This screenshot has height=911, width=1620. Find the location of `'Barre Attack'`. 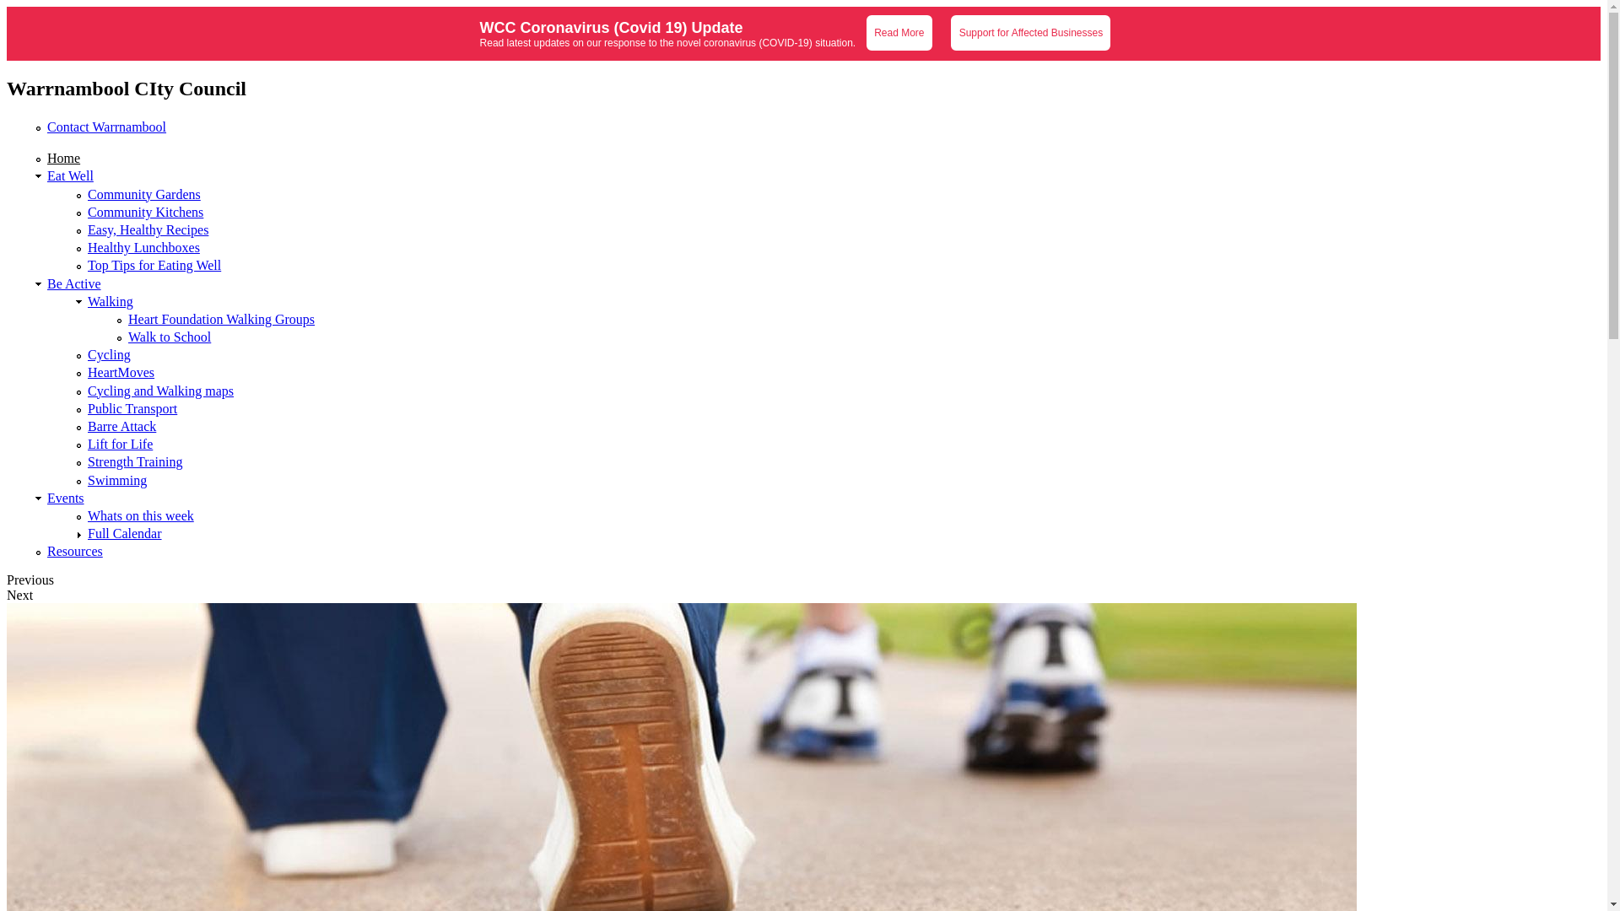

'Barre Attack' is located at coordinates (121, 425).